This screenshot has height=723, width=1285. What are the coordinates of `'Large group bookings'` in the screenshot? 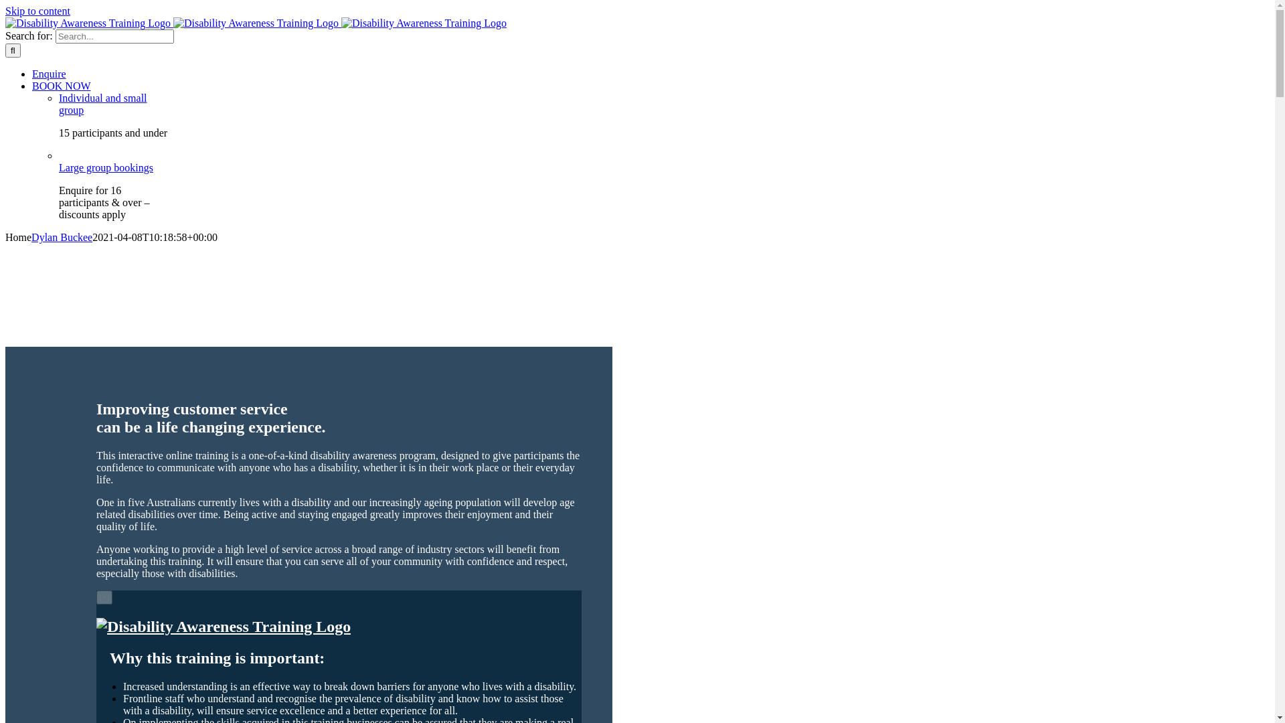 It's located at (105, 173).